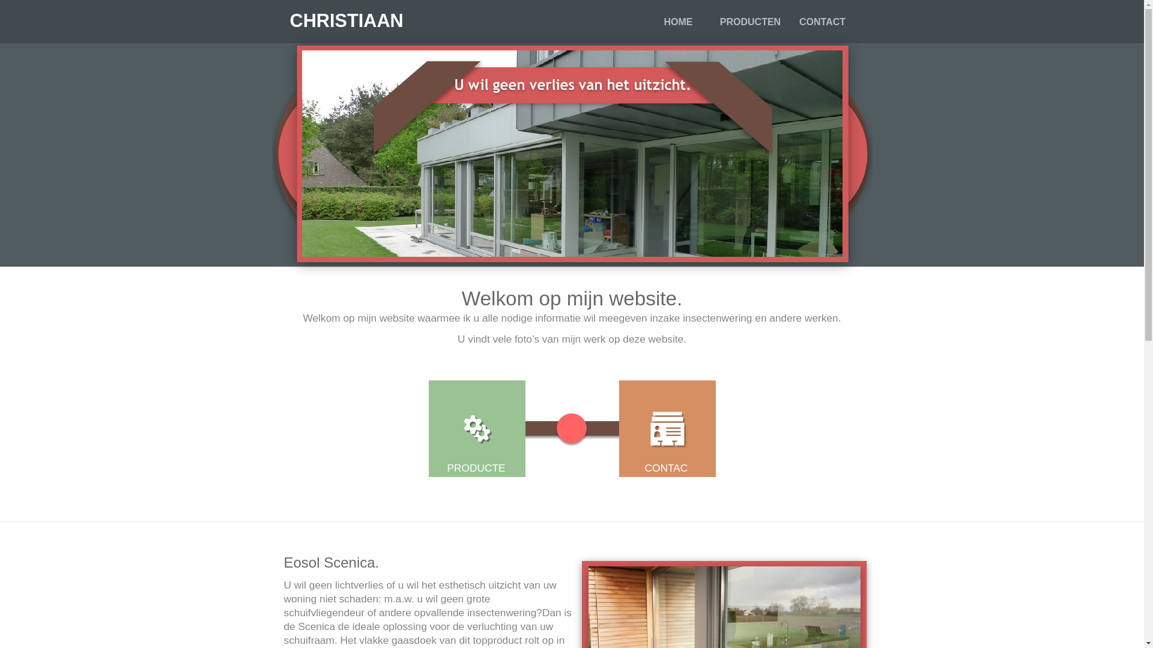 The width and height of the screenshot is (1153, 648). What do you see at coordinates (345, 32) in the screenshot?
I see `'CHRISTIAAN DECOCK'` at bounding box center [345, 32].